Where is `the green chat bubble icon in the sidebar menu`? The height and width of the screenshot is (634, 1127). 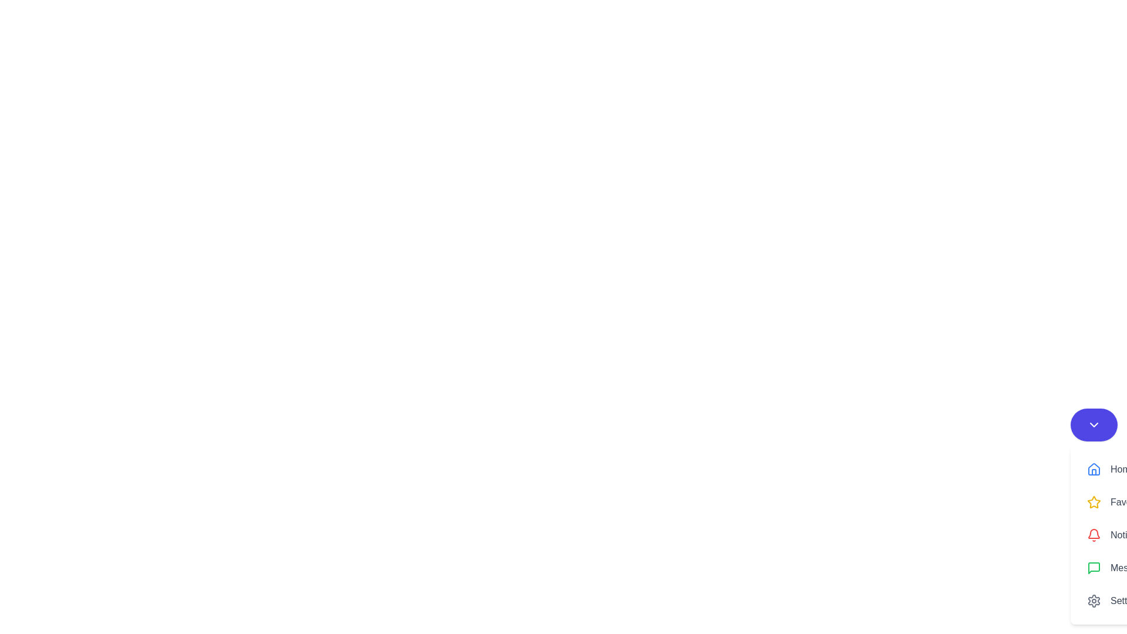
the green chat bubble icon in the sidebar menu is located at coordinates (1093, 568).